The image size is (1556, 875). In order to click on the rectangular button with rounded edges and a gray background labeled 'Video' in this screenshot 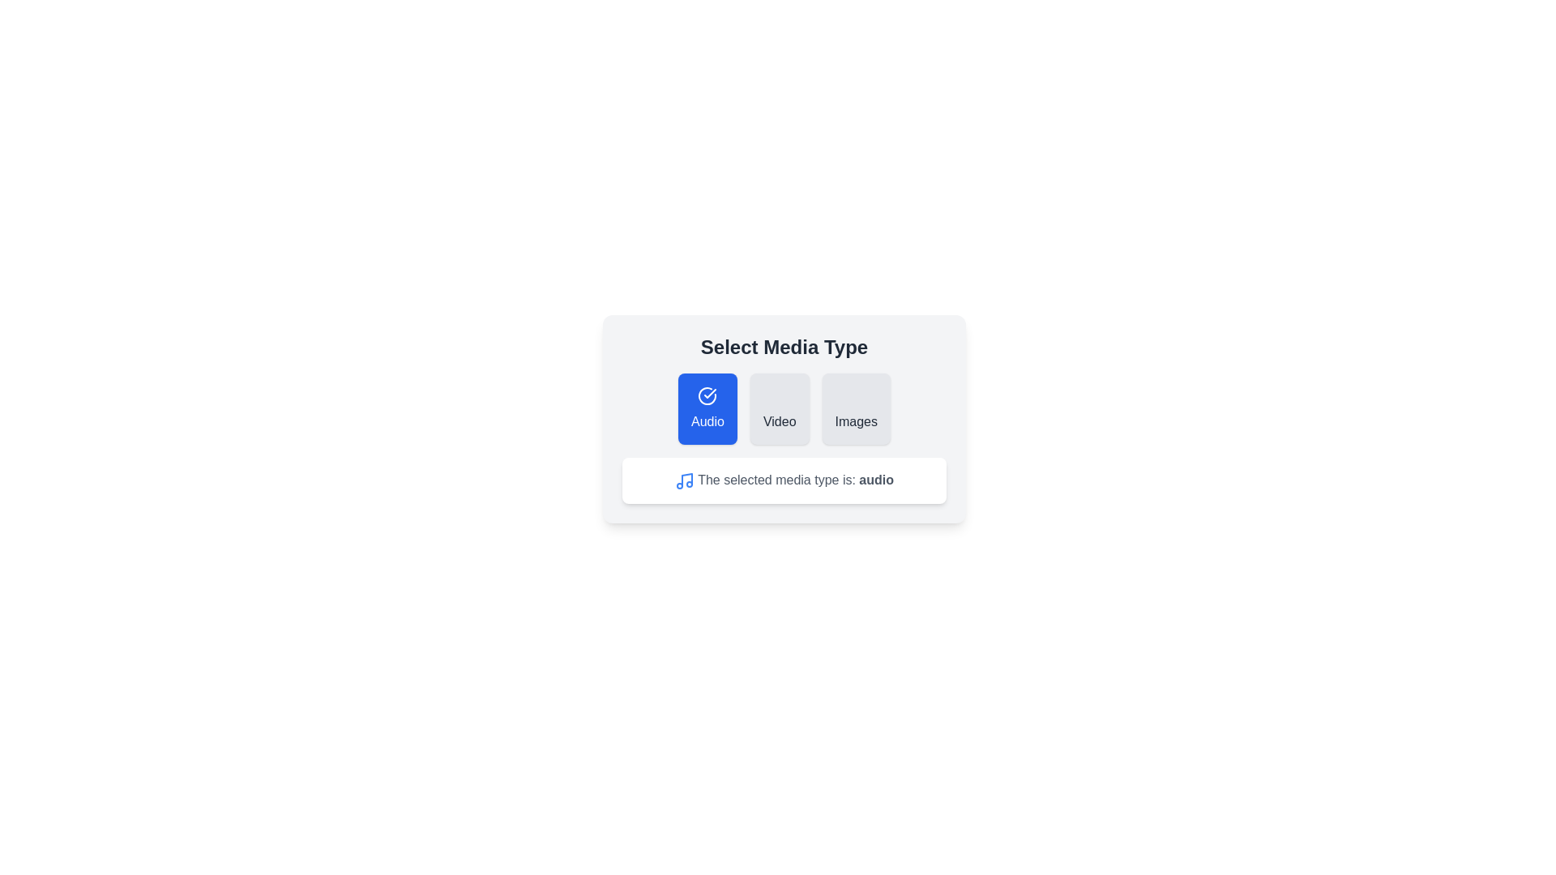, I will do `click(780, 408)`.